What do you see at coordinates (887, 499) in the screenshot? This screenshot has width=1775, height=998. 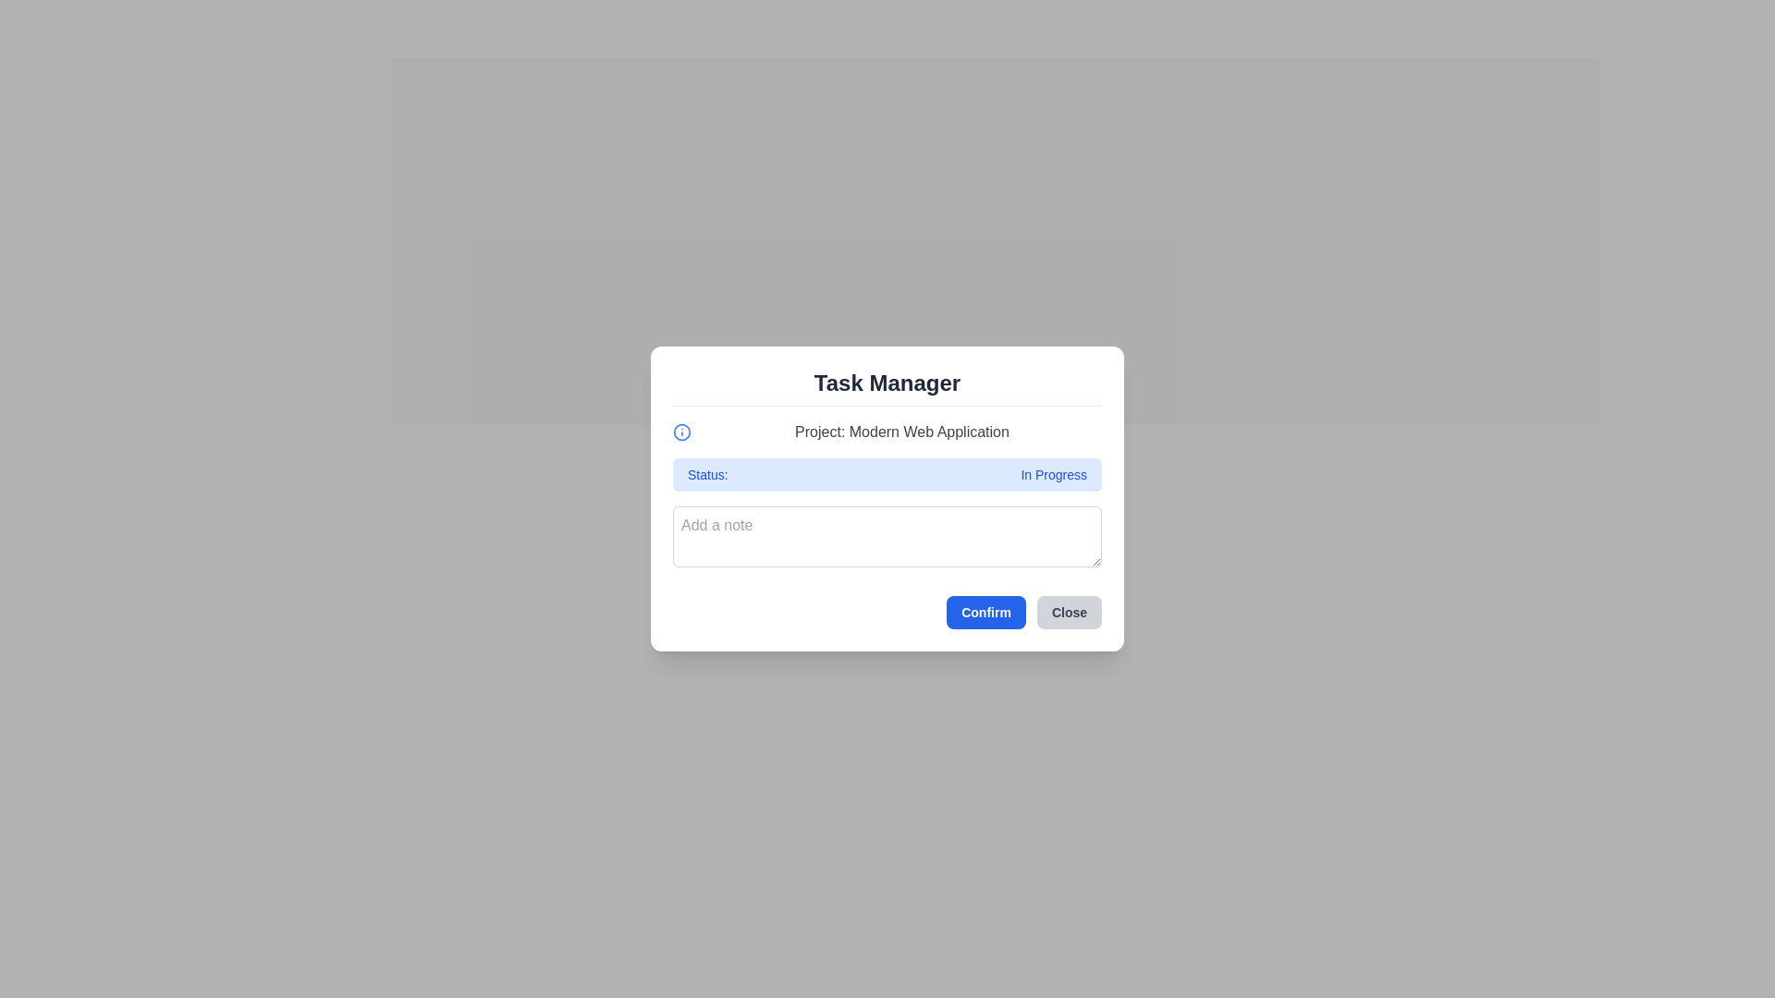 I see `the 'Task Manager' dialog box, which is a white box with rounded corners and contains action buttons at the bottom` at bounding box center [887, 499].